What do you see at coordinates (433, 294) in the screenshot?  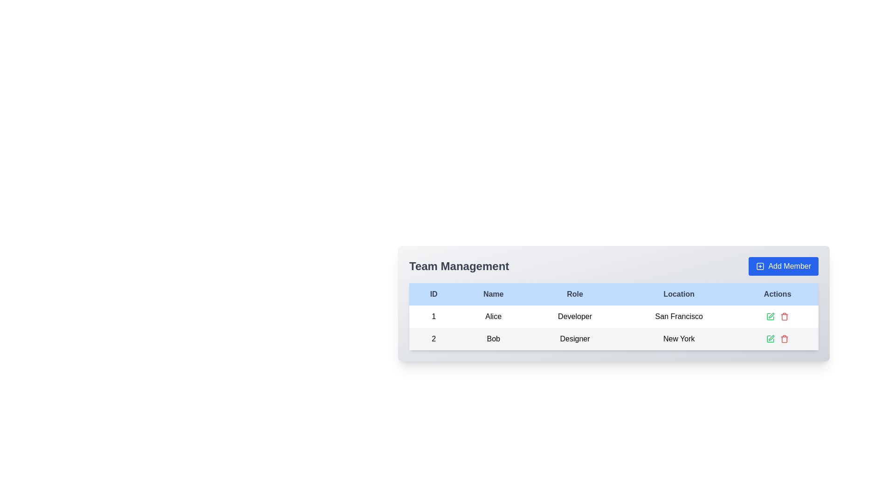 I see `the static text label 'ID' which serves as the first column header in the 'Team Management' section of the table` at bounding box center [433, 294].